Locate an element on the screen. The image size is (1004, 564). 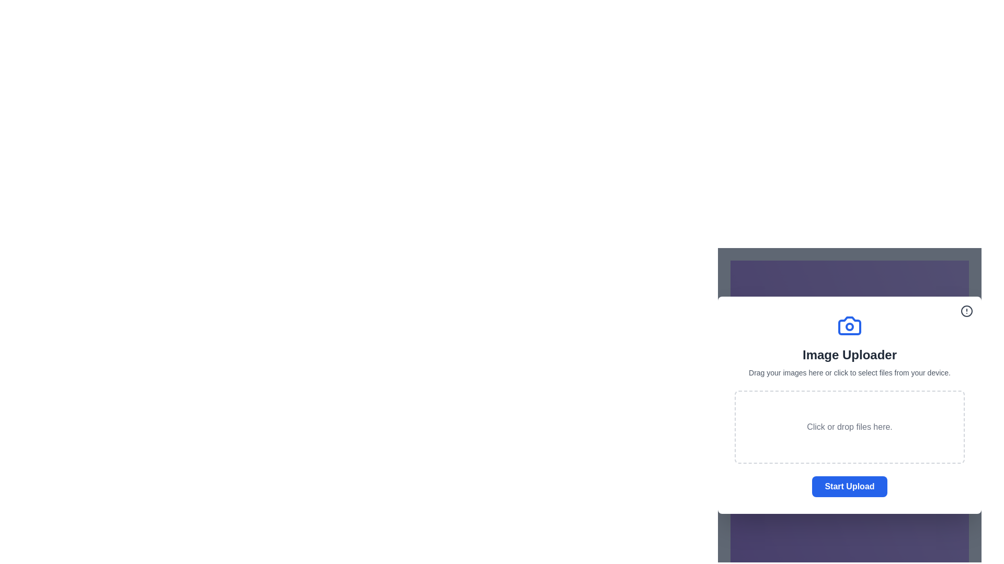
and drop files onto the Upload Area Text that displays 'Click or drop files here.' This element is a clickable area styled with a dashed, rounded, light-gray border and is located centrally in the upload area is located at coordinates (850, 427).